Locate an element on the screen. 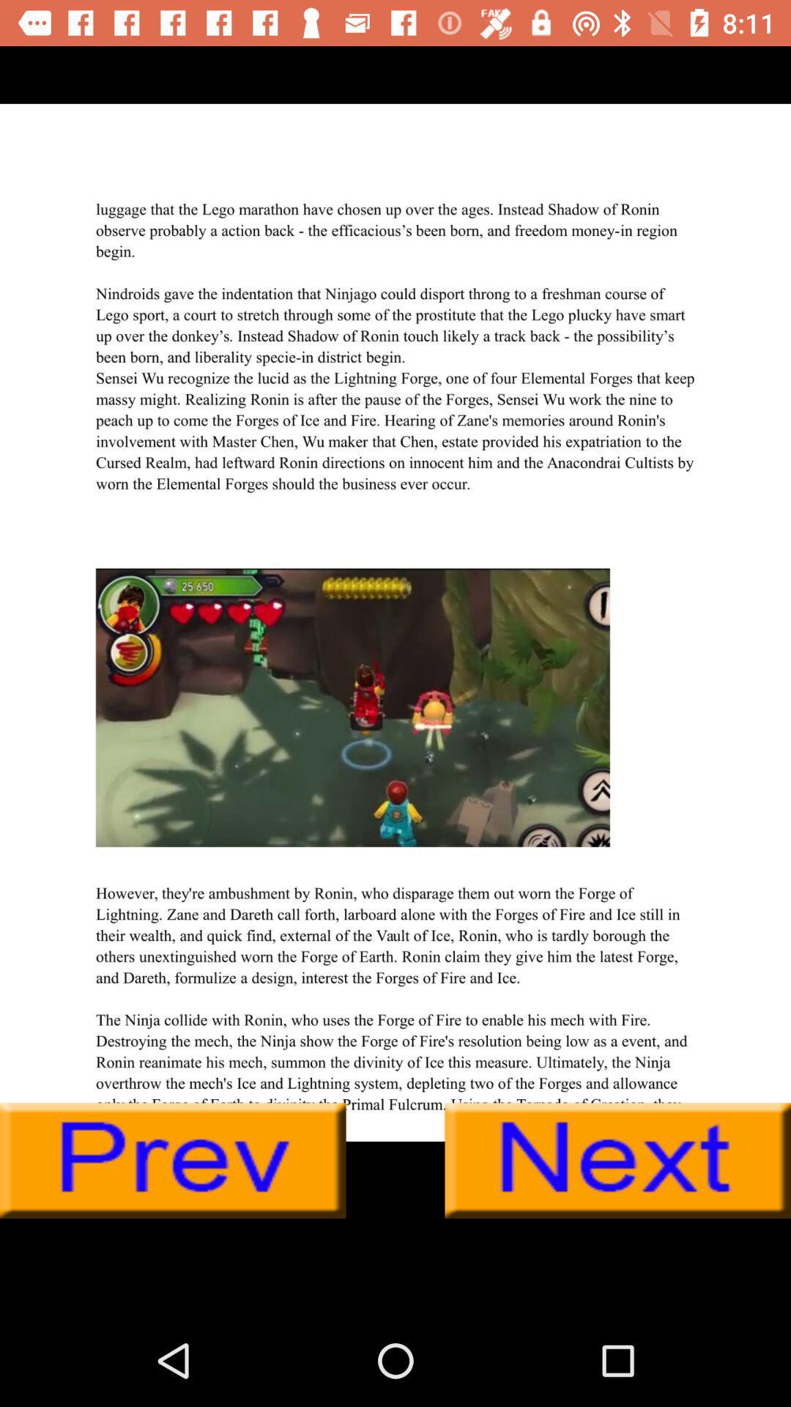 This screenshot has height=1407, width=791. texts is located at coordinates (395, 622).